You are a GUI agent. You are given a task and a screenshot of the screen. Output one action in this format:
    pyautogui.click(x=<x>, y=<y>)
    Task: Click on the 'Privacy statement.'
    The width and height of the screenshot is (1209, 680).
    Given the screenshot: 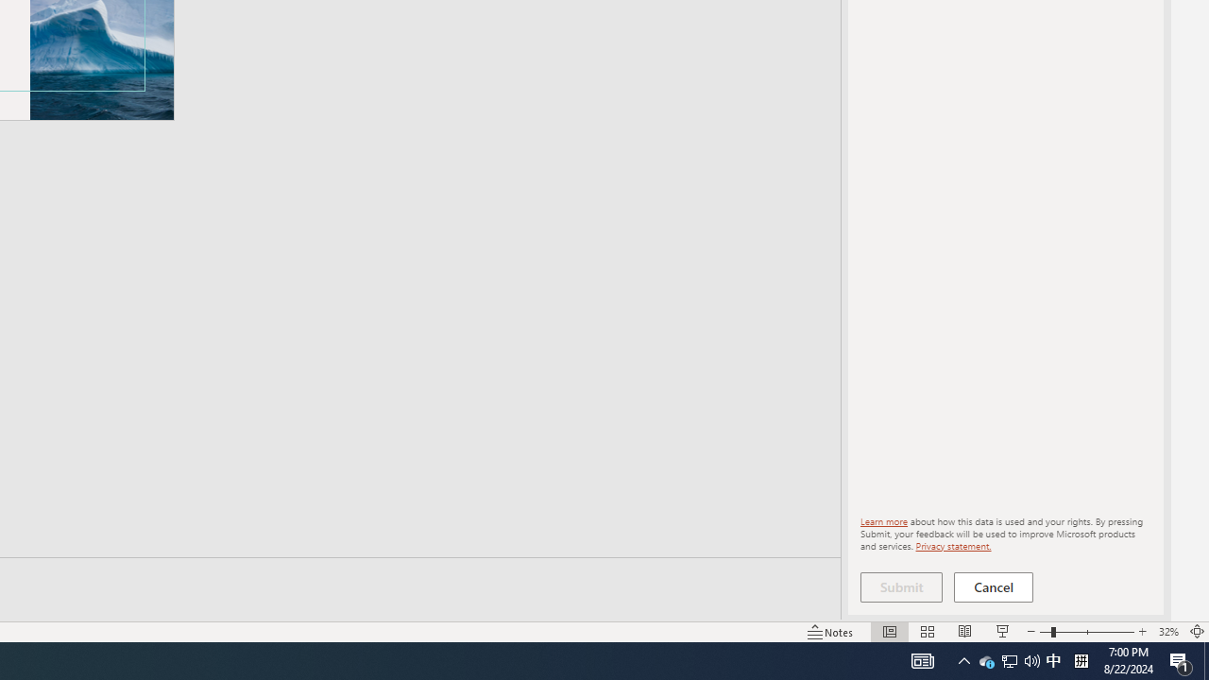 What is the action you would take?
    pyautogui.click(x=953, y=545)
    